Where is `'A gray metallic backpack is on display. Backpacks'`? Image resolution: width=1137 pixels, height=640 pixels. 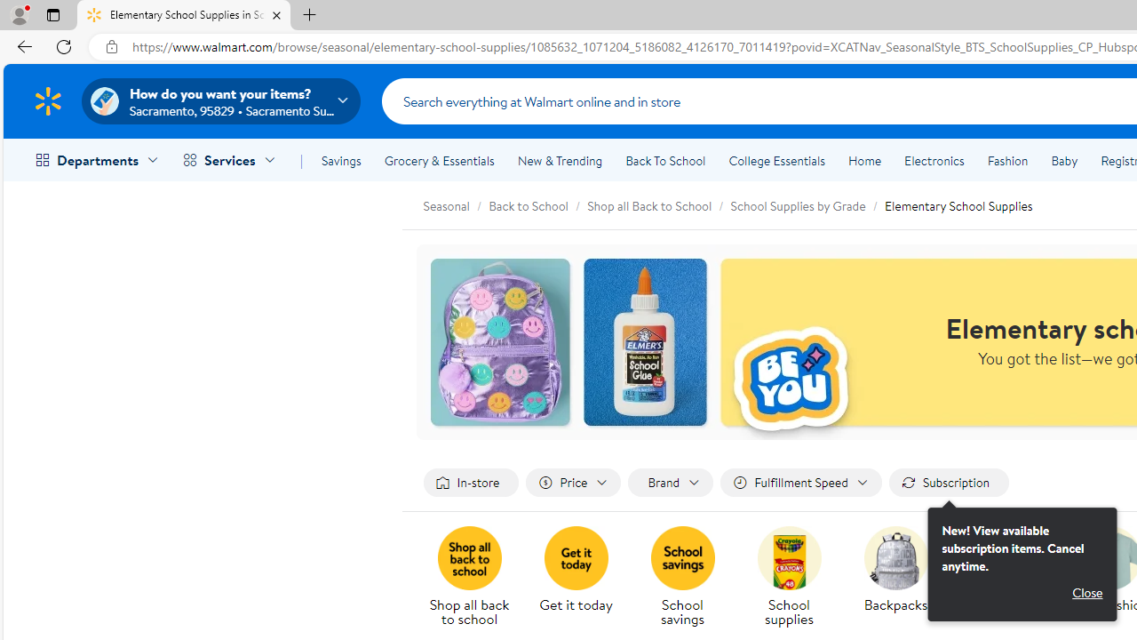
'A gray metallic backpack is on display. Backpacks' is located at coordinates (895, 571).